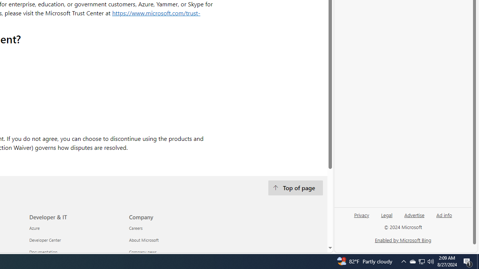 This screenshot has height=269, width=479. I want to click on 'About Microsoft', so click(174, 240).